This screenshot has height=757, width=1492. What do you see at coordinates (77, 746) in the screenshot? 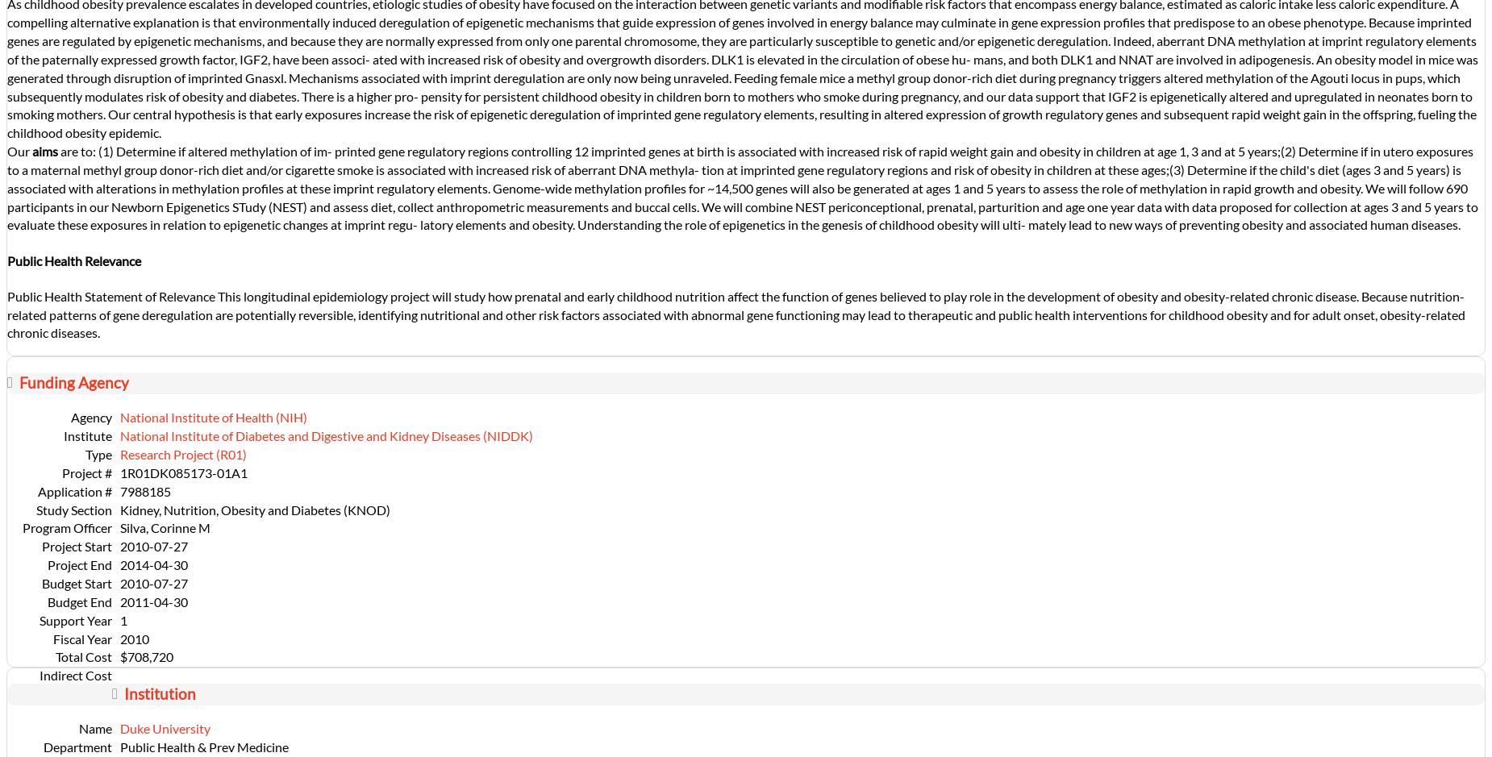
I see `'Department'` at bounding box center [77, 746].